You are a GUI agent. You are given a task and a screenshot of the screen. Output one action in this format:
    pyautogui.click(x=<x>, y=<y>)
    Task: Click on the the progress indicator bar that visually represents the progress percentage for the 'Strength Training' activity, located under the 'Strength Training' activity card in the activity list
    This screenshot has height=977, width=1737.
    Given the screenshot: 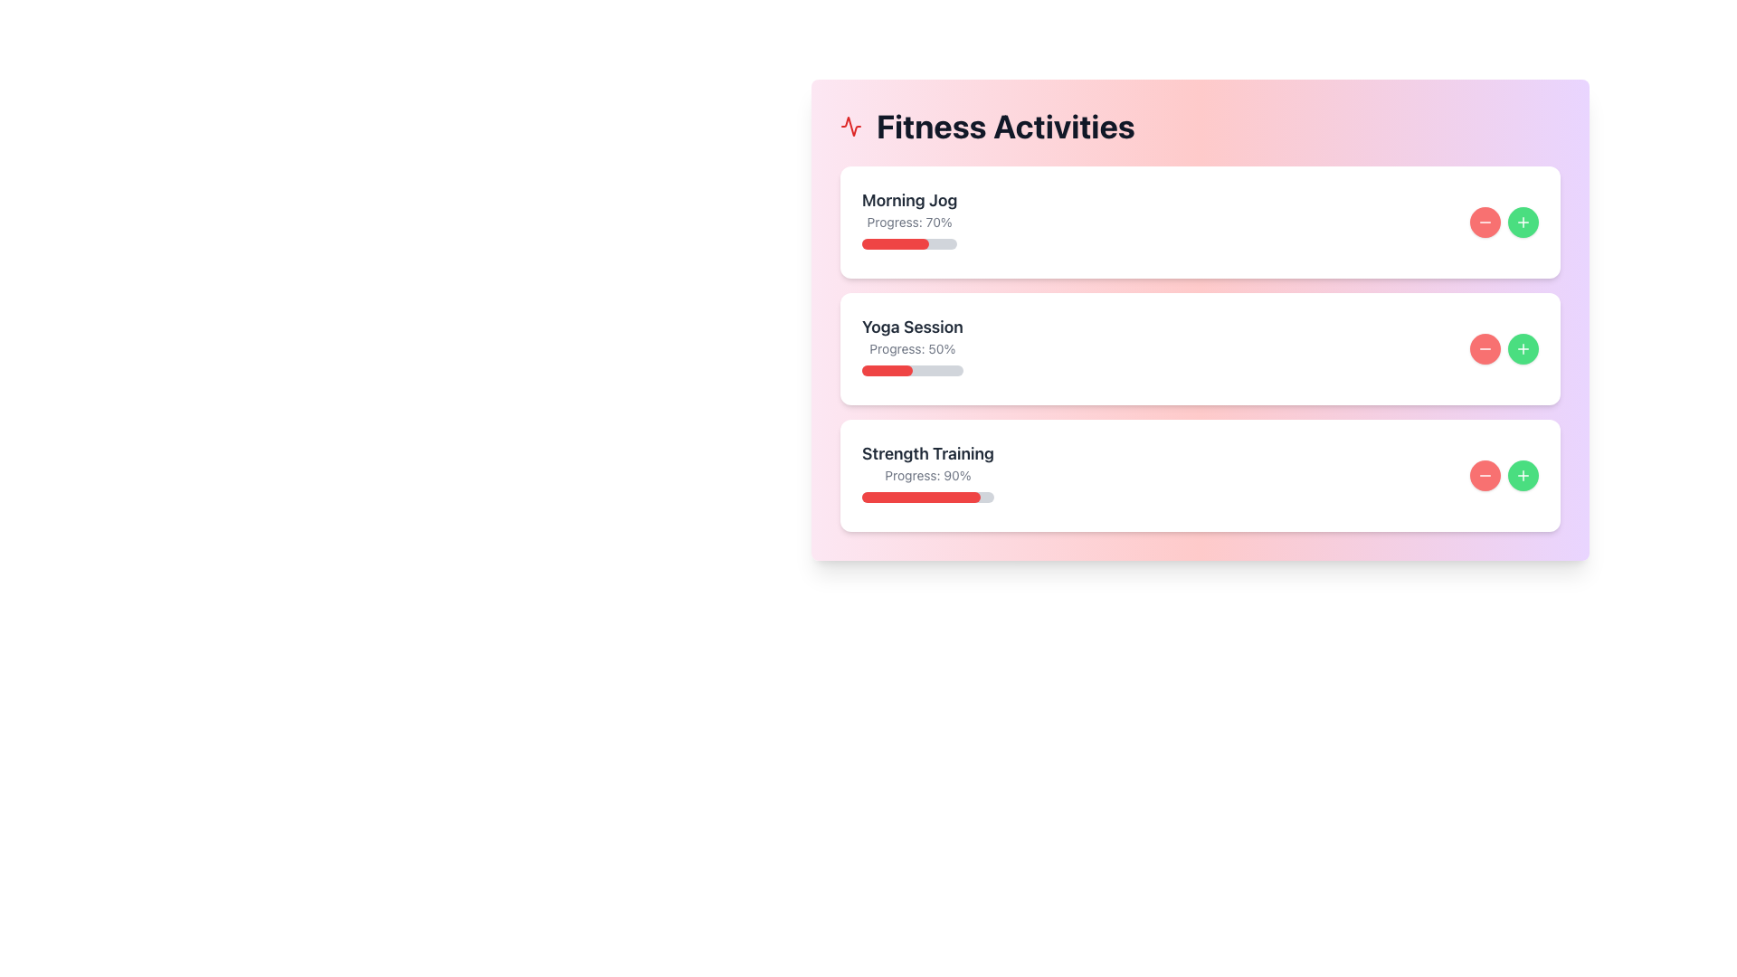 What is the action you would take?
    pyautogui.click(x=921, y=498)
    